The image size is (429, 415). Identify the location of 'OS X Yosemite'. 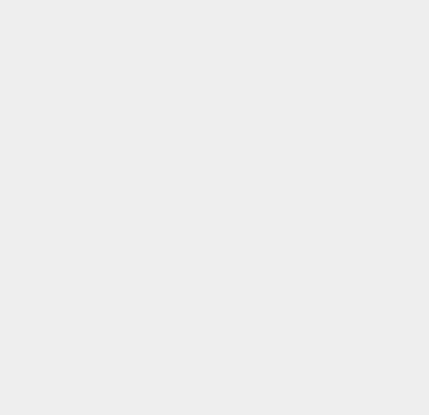
(321, 184).